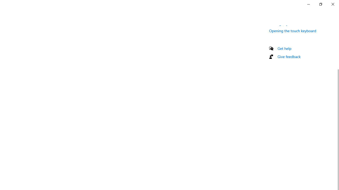 This screenshot has width=339, height=190. Describe the element at coordinates (320, 4) in the screenshot. I see `'Restore Settings'` at that location.